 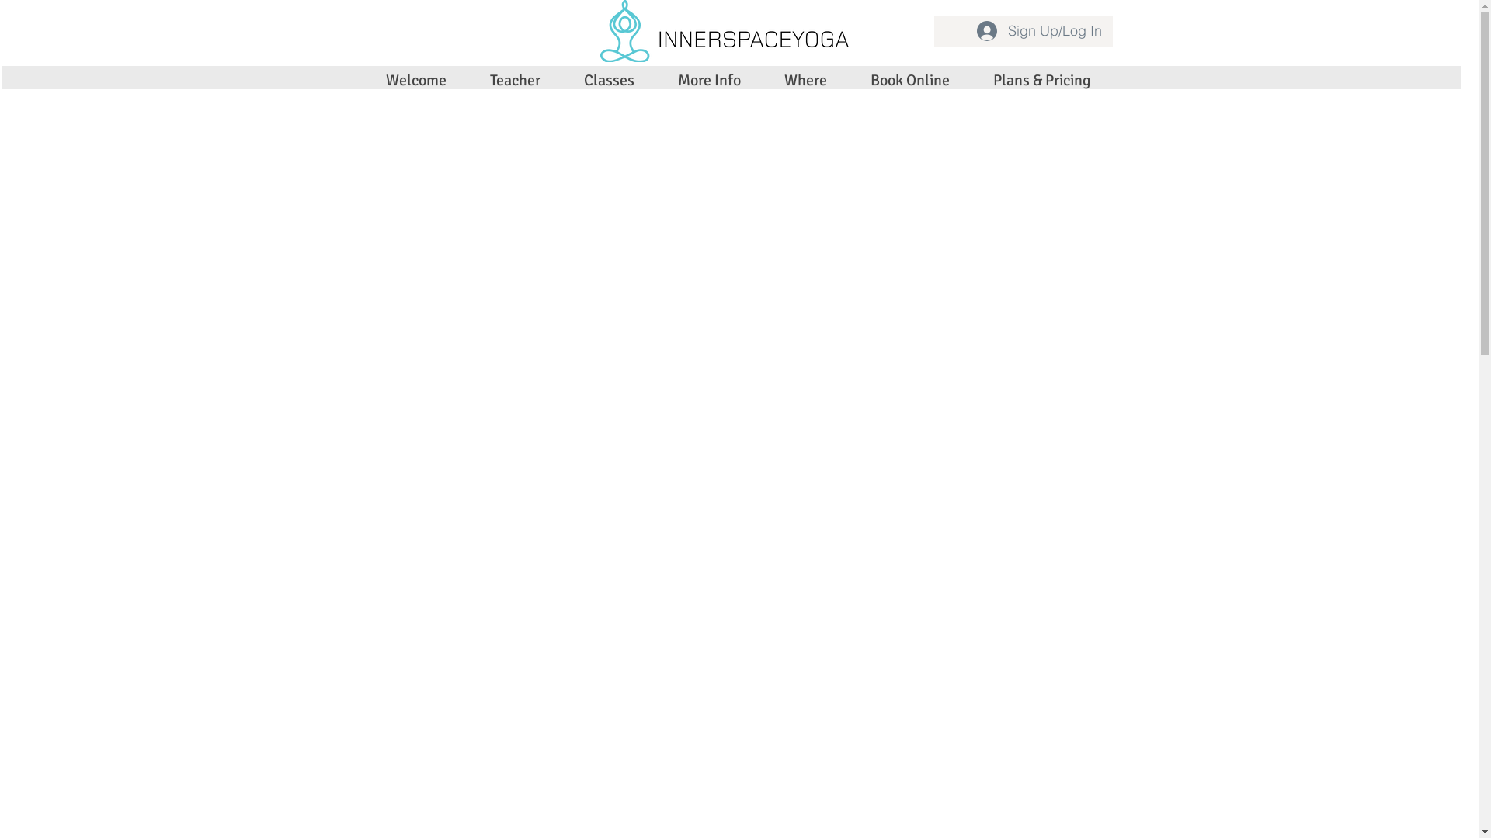 I want to click on 'Sign Up/Log In', so click(x=1039, y=30).